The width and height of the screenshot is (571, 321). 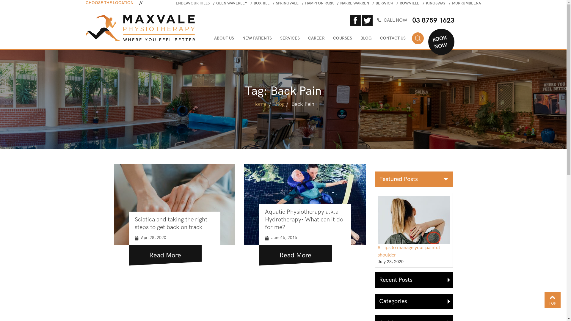 I want to click on 'Sciatica and taking the right steps to get back on track', so click(x=170, y=224).